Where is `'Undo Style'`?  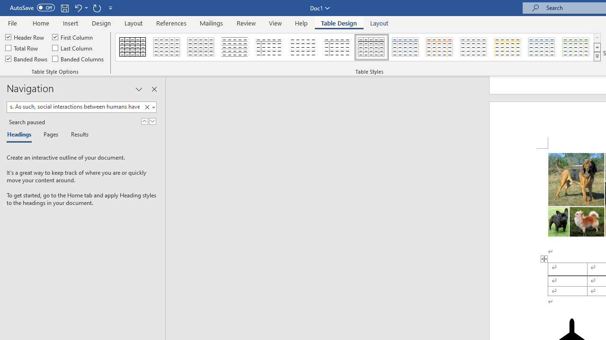
'Undo Style' is located at coordinates (78, 8).